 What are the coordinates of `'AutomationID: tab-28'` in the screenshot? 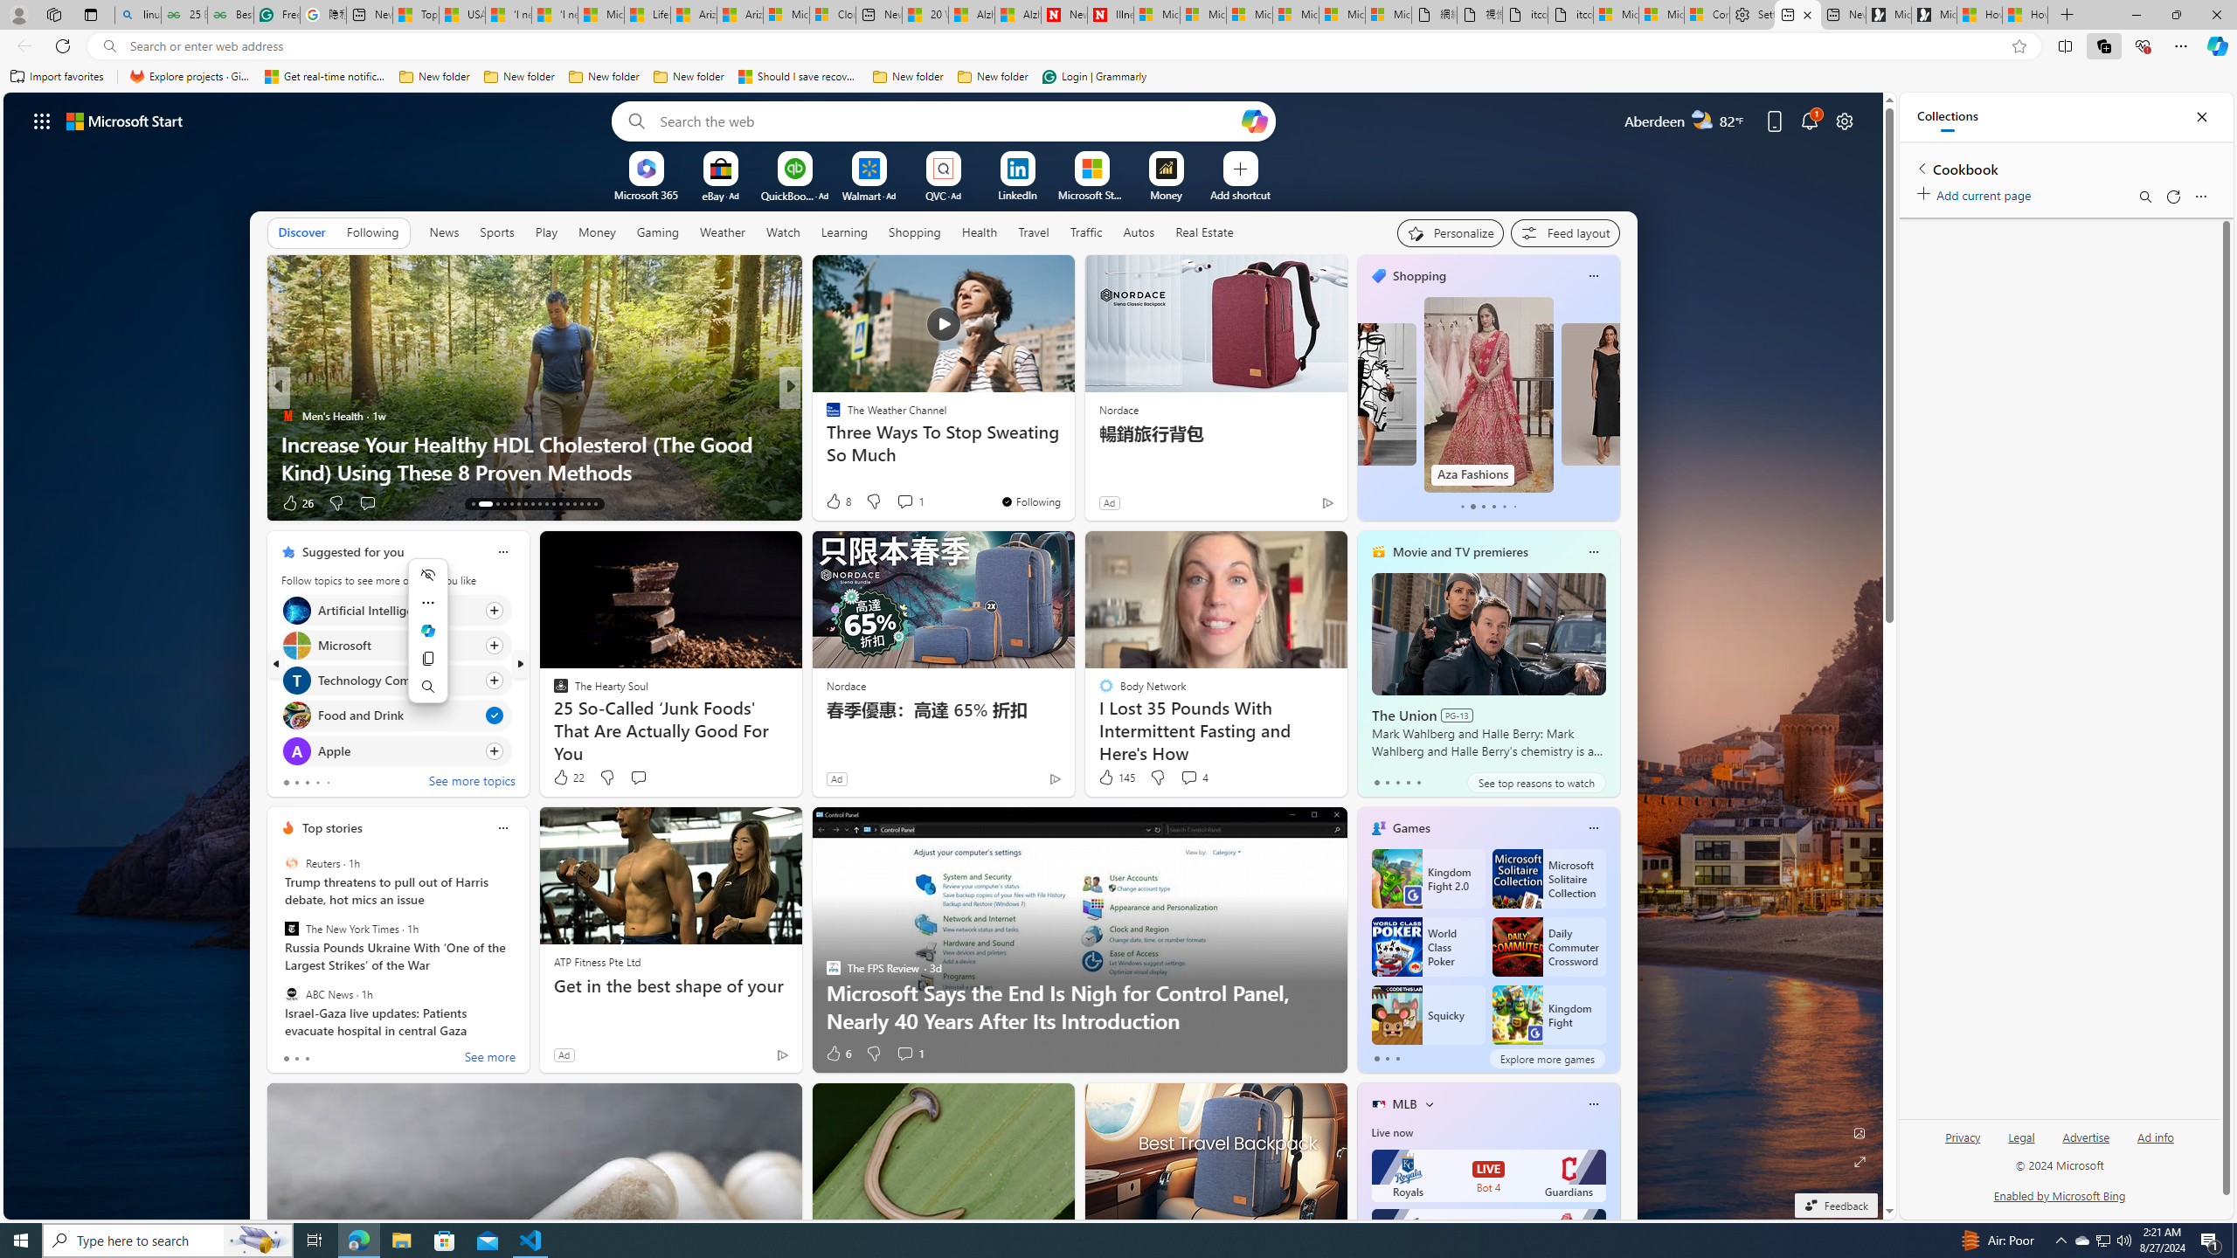 It's located at (587, 504).